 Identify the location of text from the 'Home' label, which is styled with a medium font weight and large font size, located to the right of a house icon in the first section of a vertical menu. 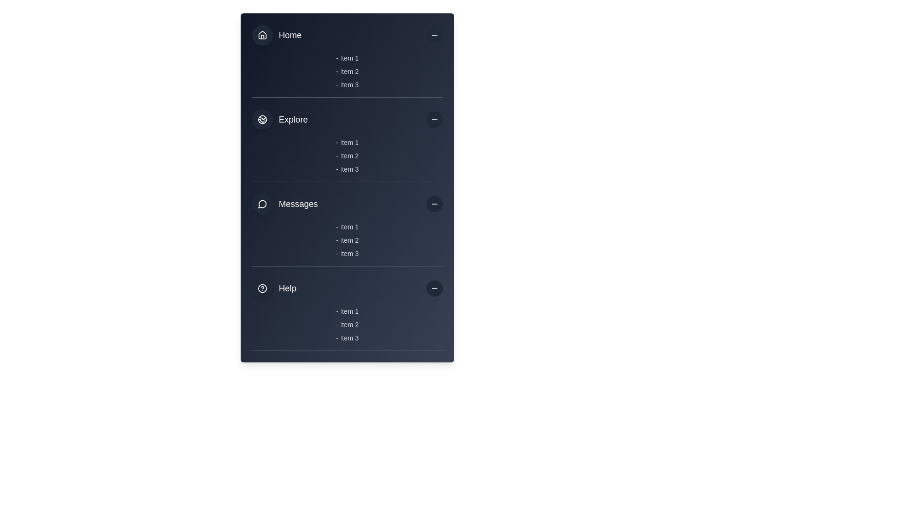
(290, 34).